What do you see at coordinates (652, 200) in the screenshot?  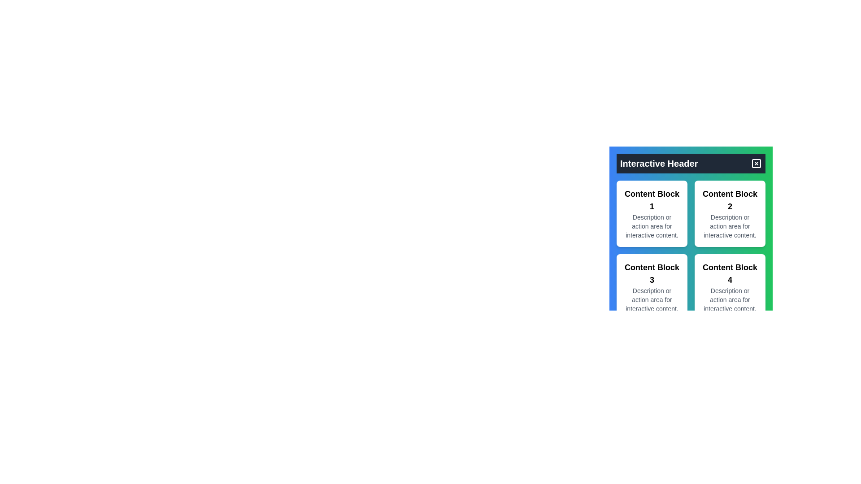 I see `the large header text element reading 'Content Block 1', which is positioned at the top of the first card in a two-by-two grid layout` at bounding box center [652, 200].